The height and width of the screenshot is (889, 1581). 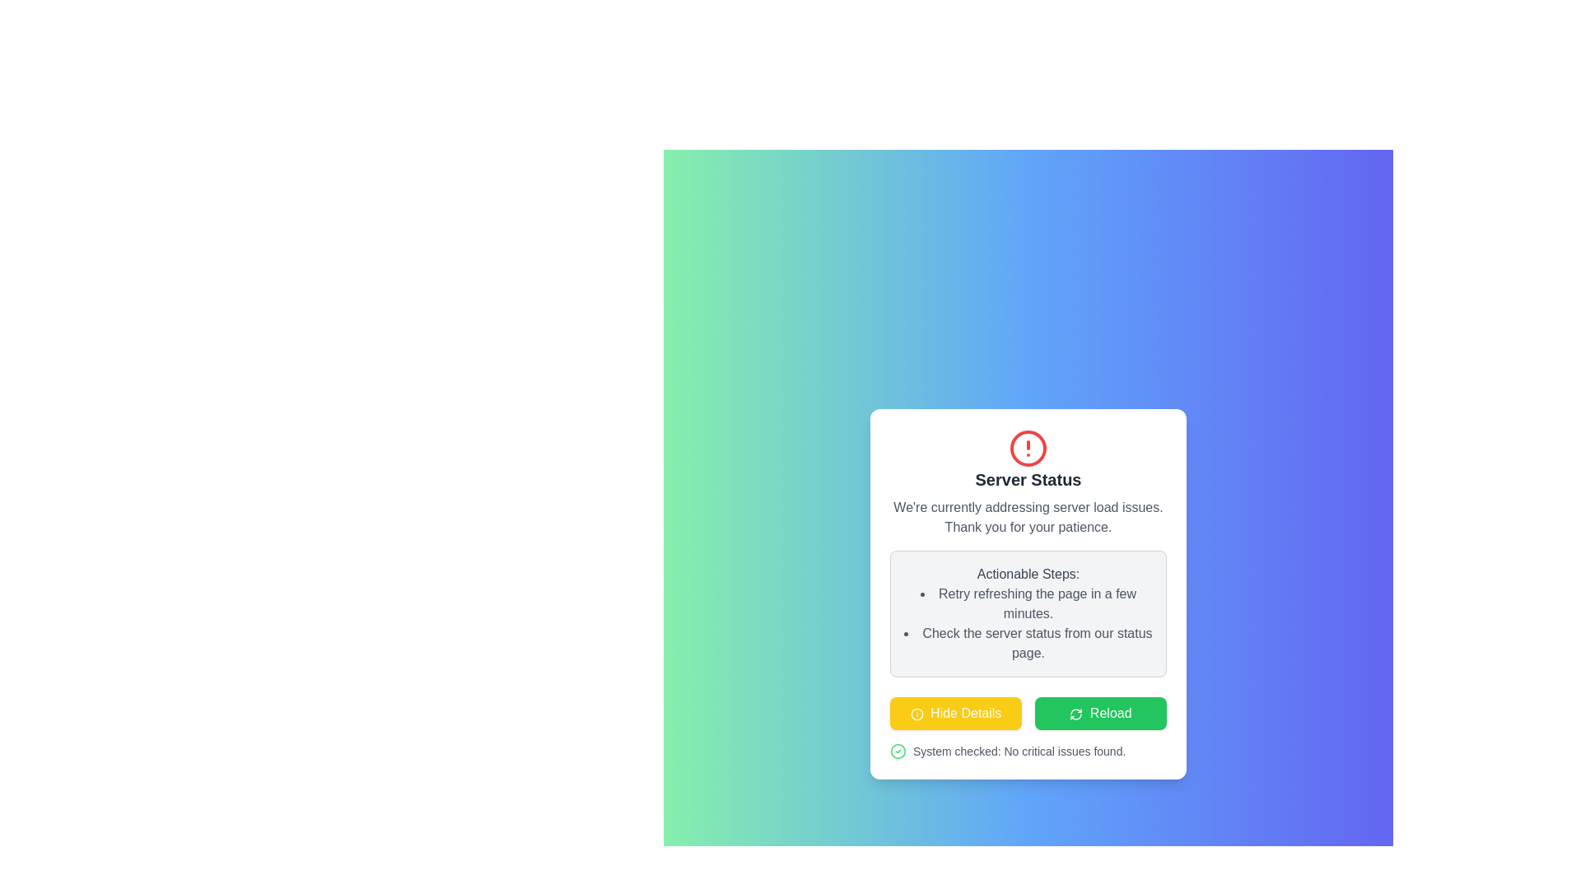 I want to click on informational prompt text directing users to check the server status, which is the second item in the bulleted list under 'Actionable Steps', so click(x=1027, y=643).